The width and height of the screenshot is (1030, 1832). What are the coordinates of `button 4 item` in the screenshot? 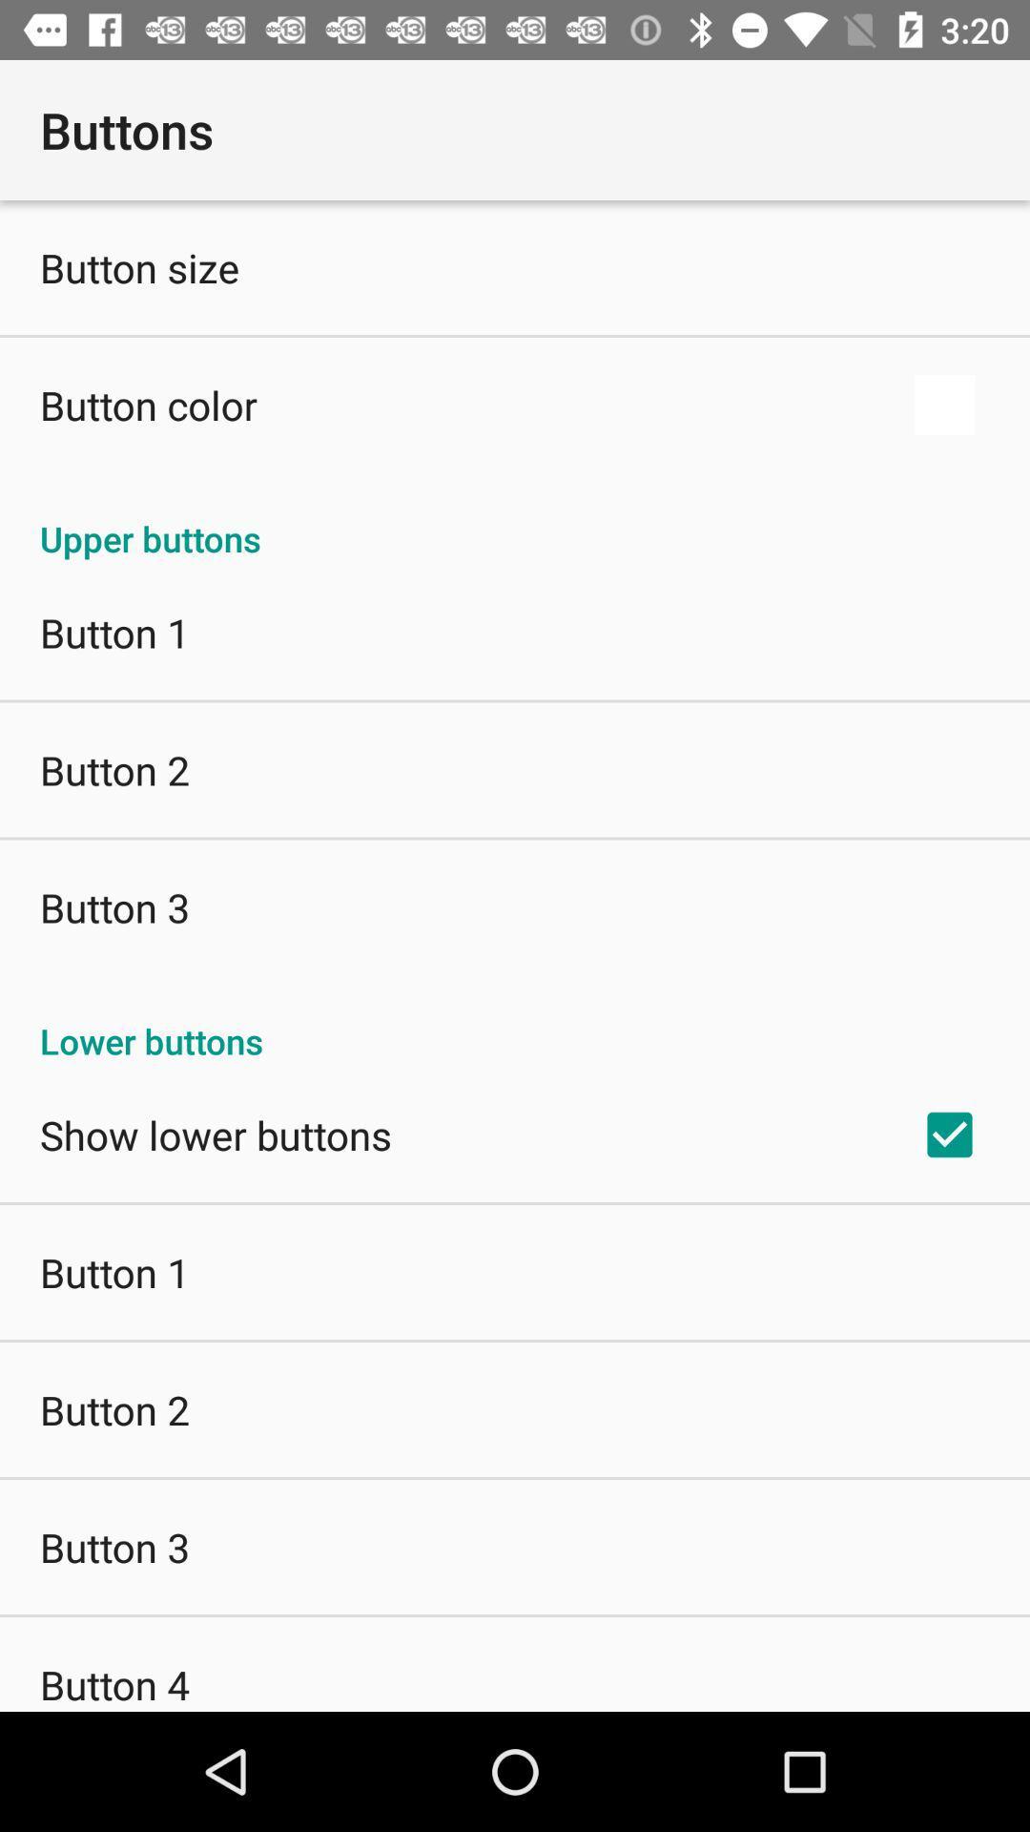 It's located at (114, 1684).